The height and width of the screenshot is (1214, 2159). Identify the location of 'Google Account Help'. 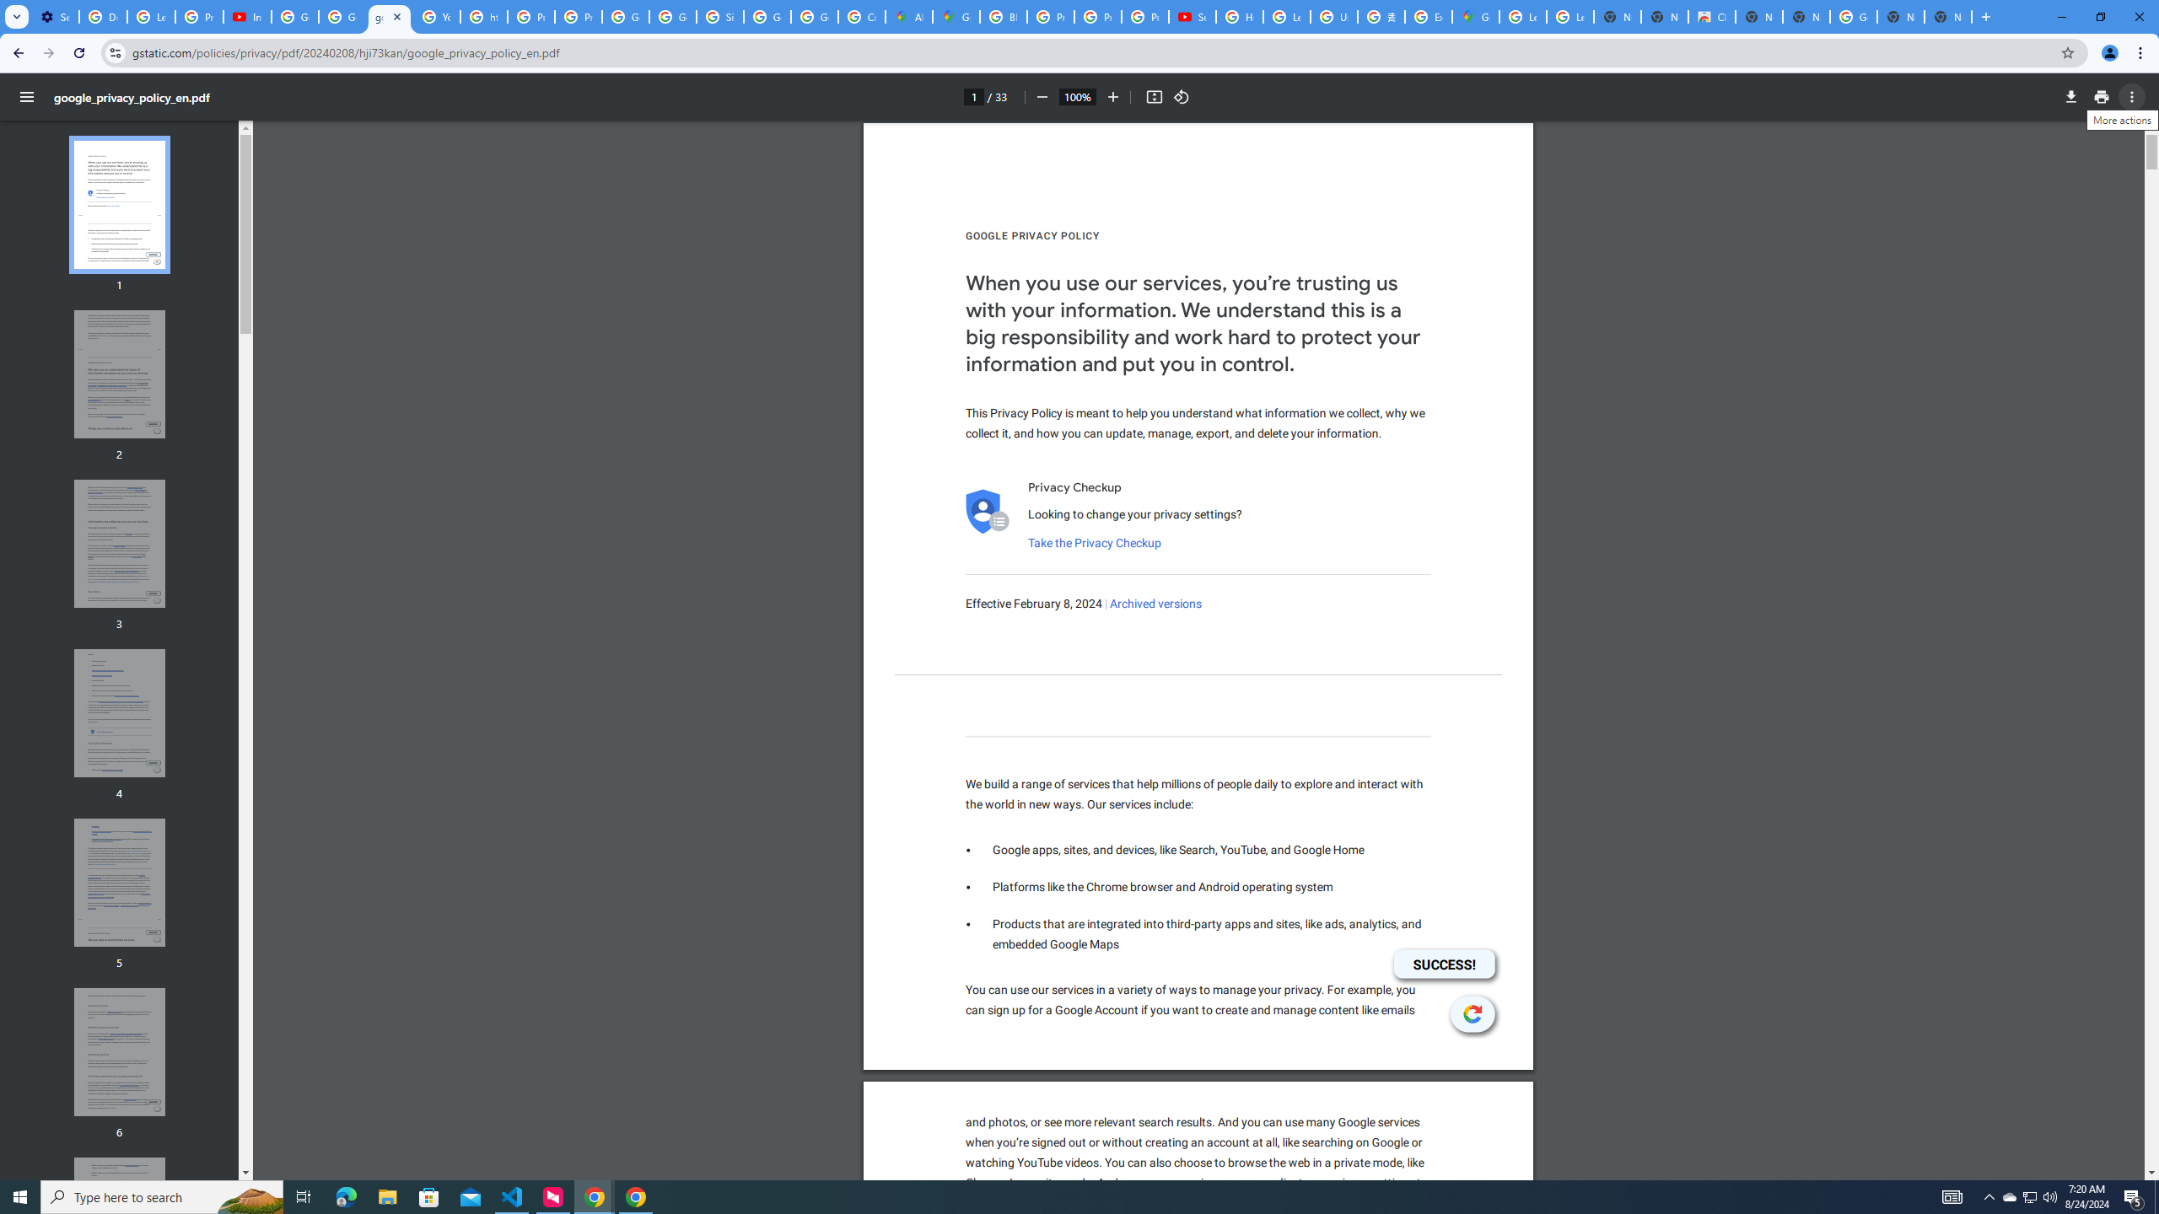
(293, 16).